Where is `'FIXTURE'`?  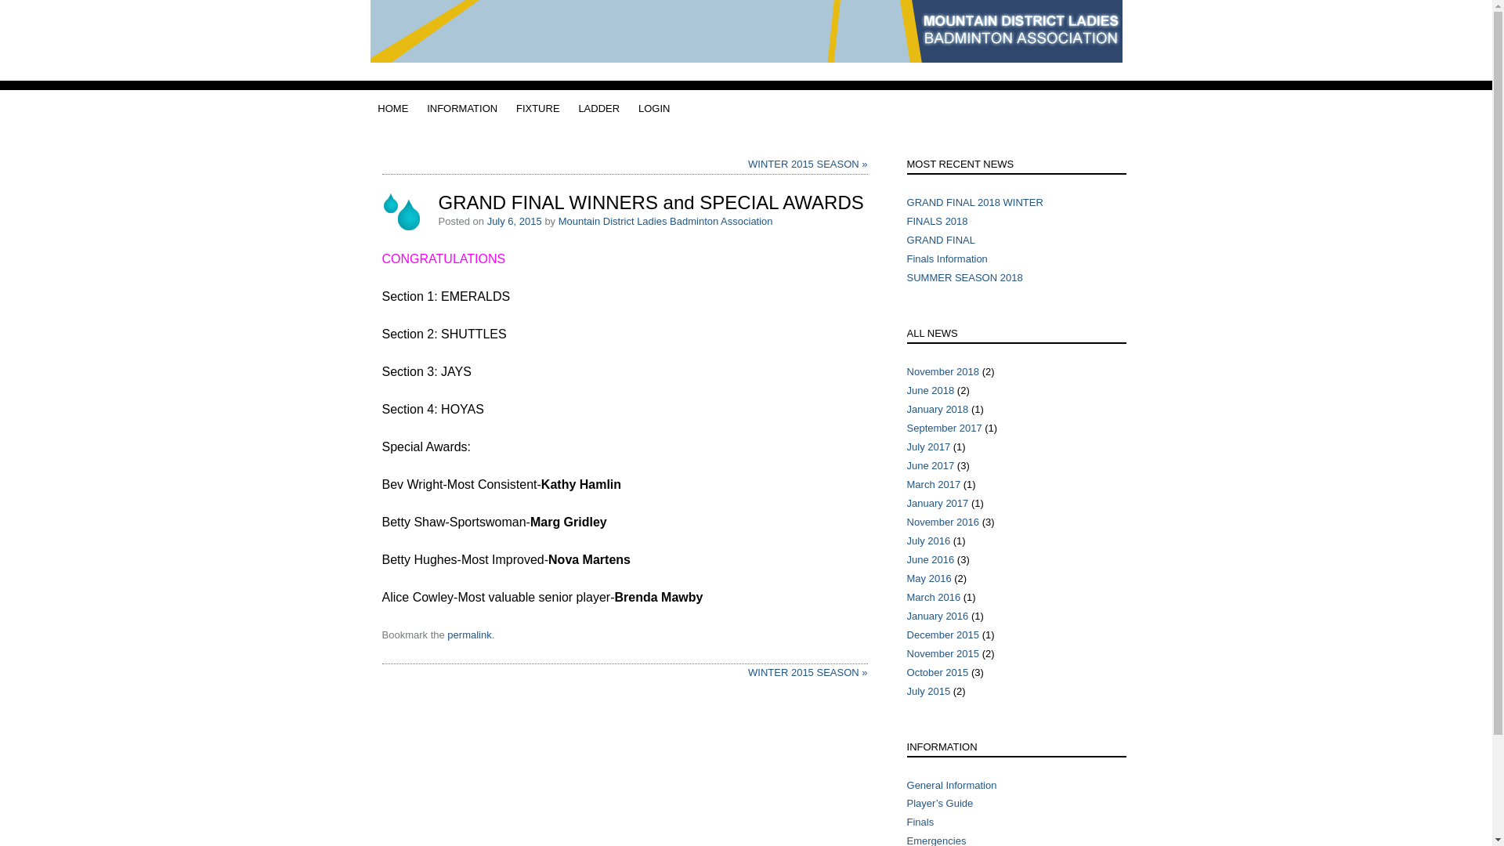 'FIXTURE' is located at coordinates (515, 107).